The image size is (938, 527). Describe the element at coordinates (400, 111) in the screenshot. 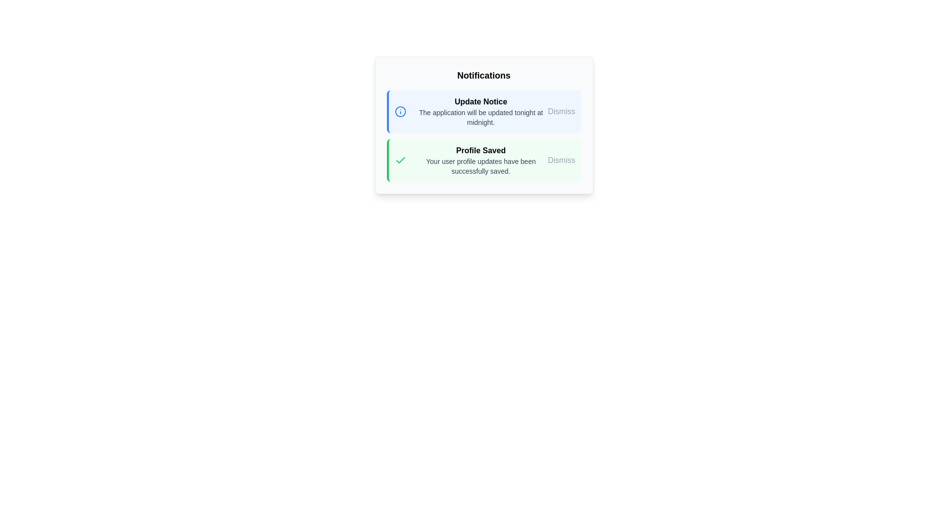

I see `the circular icon with a blue border and an exclamation mark, located to the left of the 'Update Notice' notification` at that location.